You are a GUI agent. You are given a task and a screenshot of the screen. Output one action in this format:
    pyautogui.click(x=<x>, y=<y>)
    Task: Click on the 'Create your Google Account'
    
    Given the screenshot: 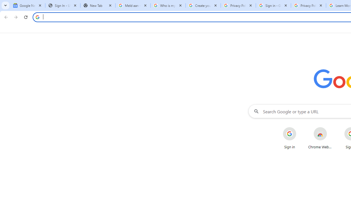 What is the action you would take?
    pyautogui.click(x=203, y=5)
    